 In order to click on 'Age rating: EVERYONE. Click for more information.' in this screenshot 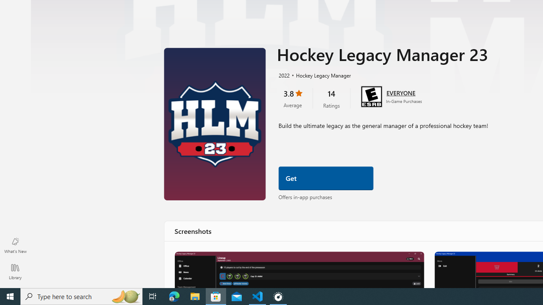, I will do `click(400, 92)`.